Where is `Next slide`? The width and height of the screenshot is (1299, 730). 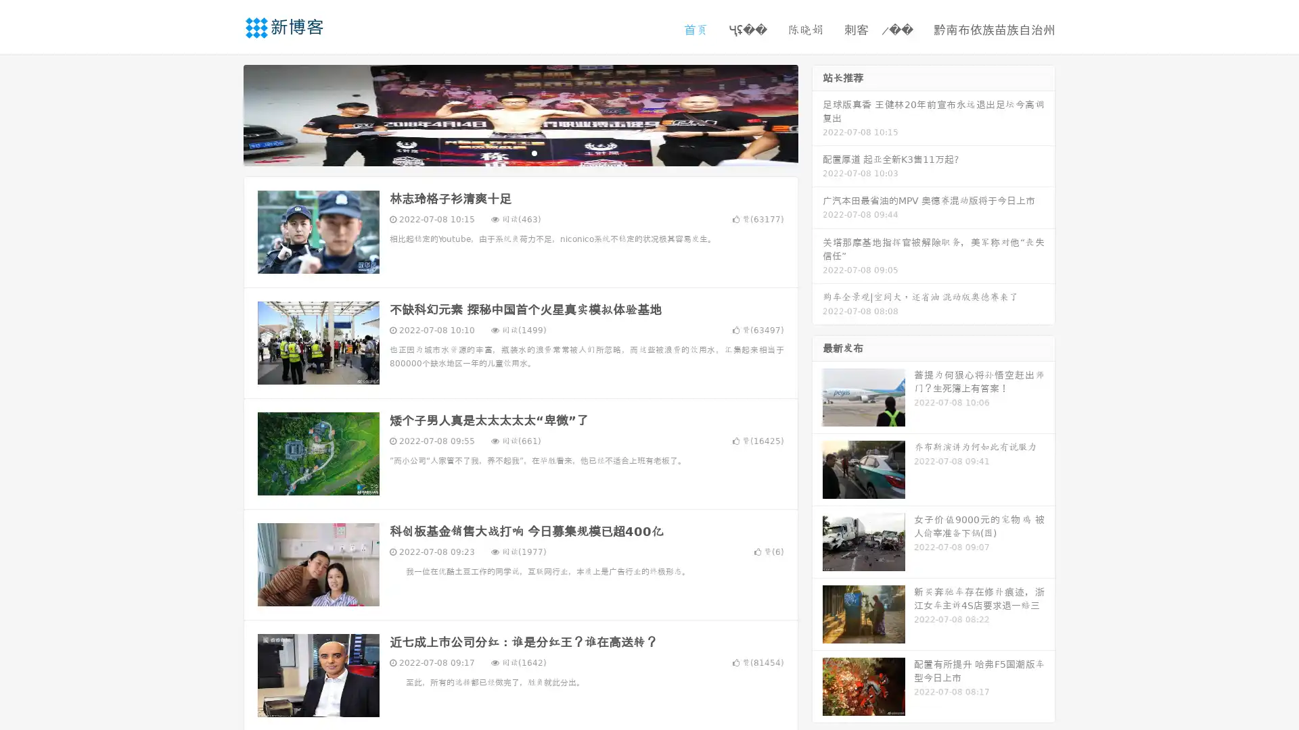 Next slide is located at coordinates (817, 114).